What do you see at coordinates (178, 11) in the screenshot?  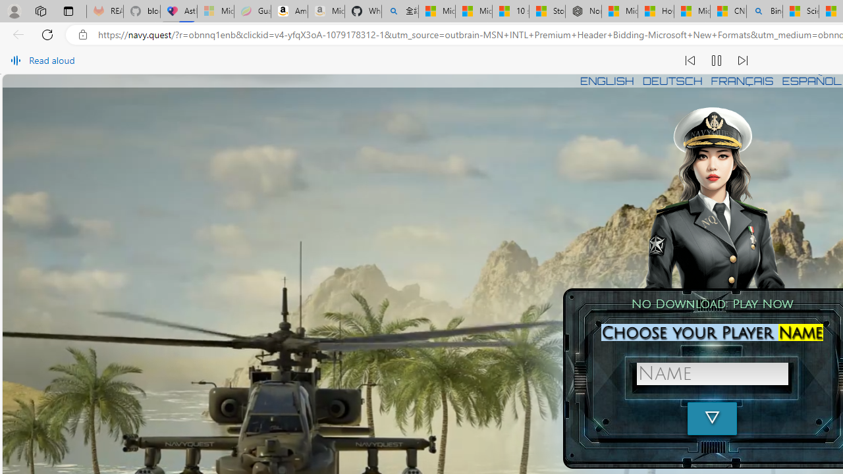 I see `'Asthma Inhalers: Names and Types'` at bounding box center [178, 11].